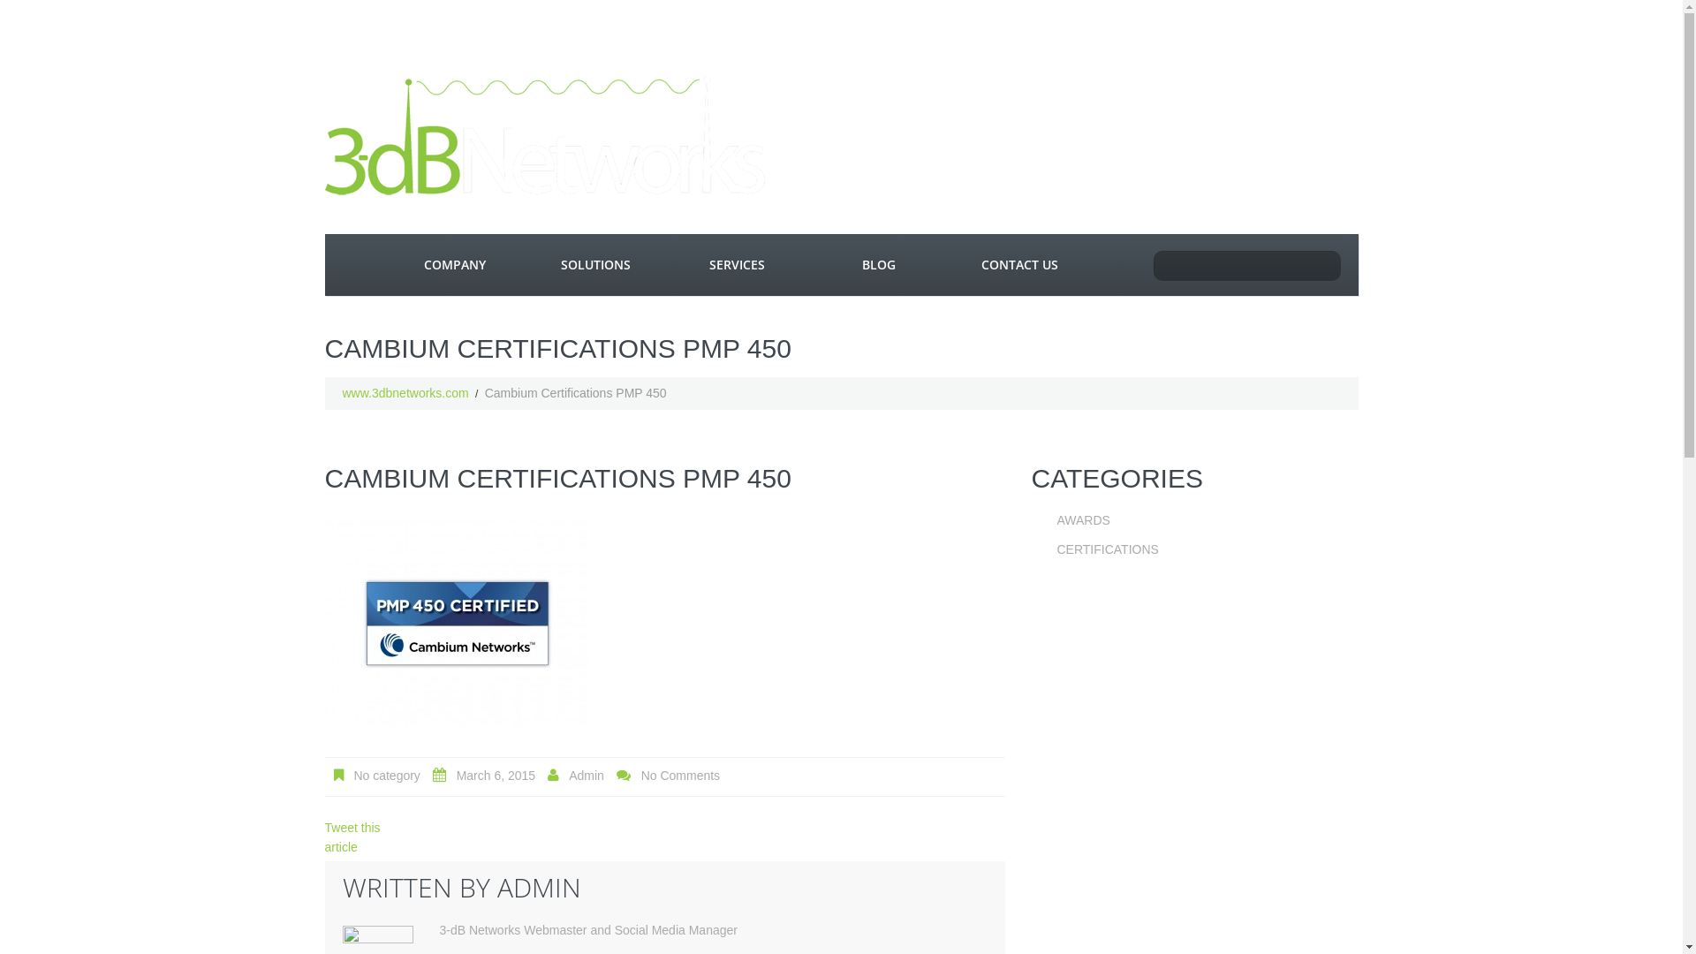 The height and width of the screenshot is (954, 1696). Describe the element at coordinates (352, 837) in the screenshot. I see `'Tweet this article'` at that location.